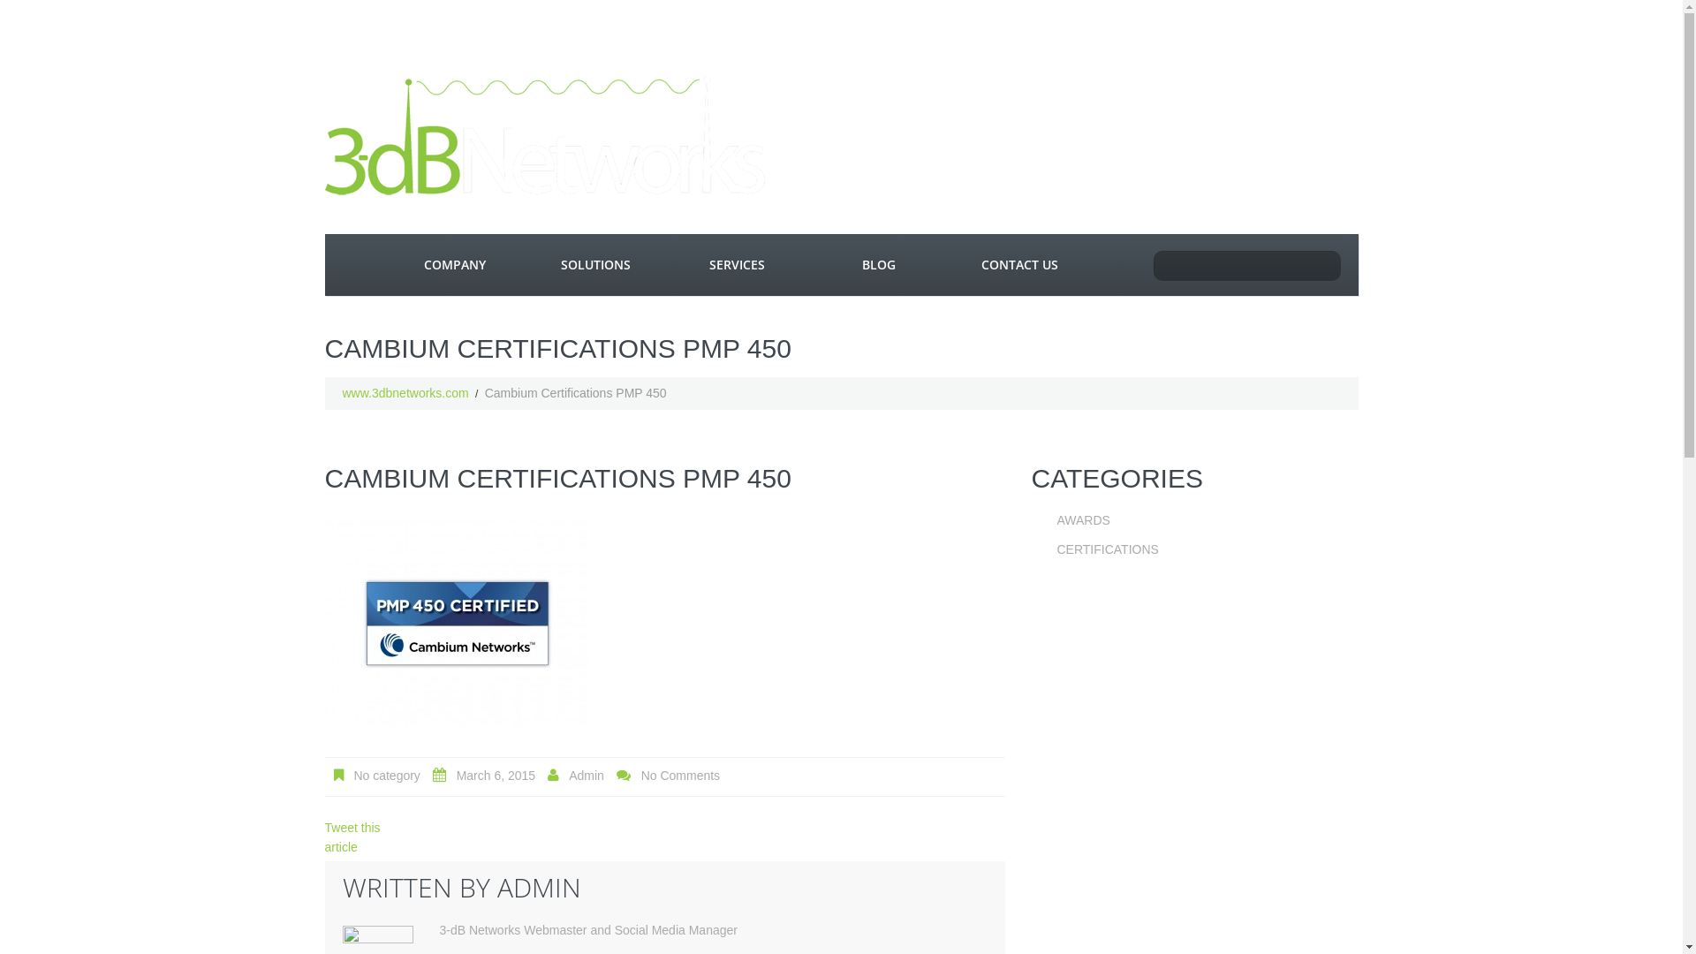 The height and width of the screenshot is (954, 1696). Describe the element at coordinates (352, 837) in the screenshot. I see `'Tweet this article'` at that location.